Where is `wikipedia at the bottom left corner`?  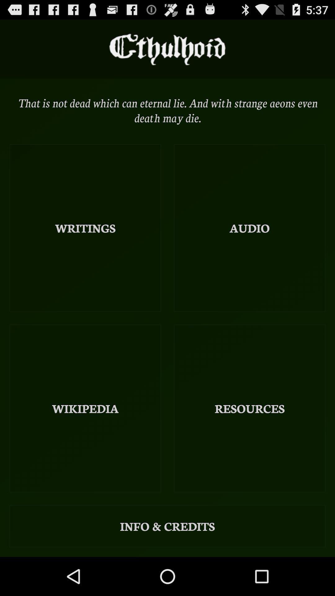
wikipedia at the bottom left corner is located at coordinates (85, 408).